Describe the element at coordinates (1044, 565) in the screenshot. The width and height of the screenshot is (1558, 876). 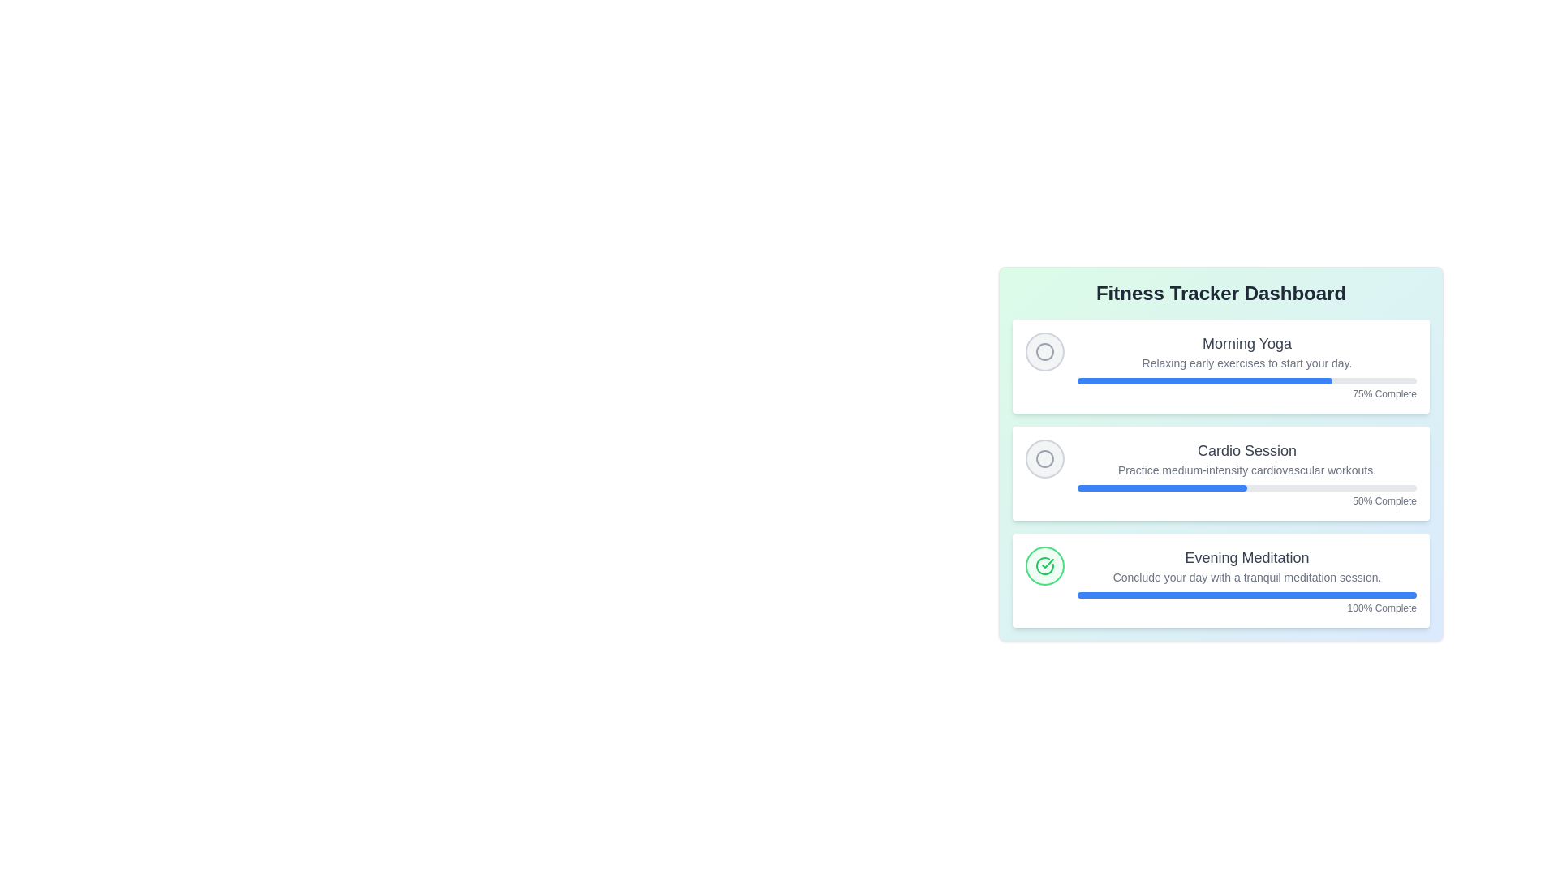
I see `the green circular icon that indicates the successful completion of the 'Evening Meditation' task on the Fitness Tracker Dashboard for possible interaction` at that location.